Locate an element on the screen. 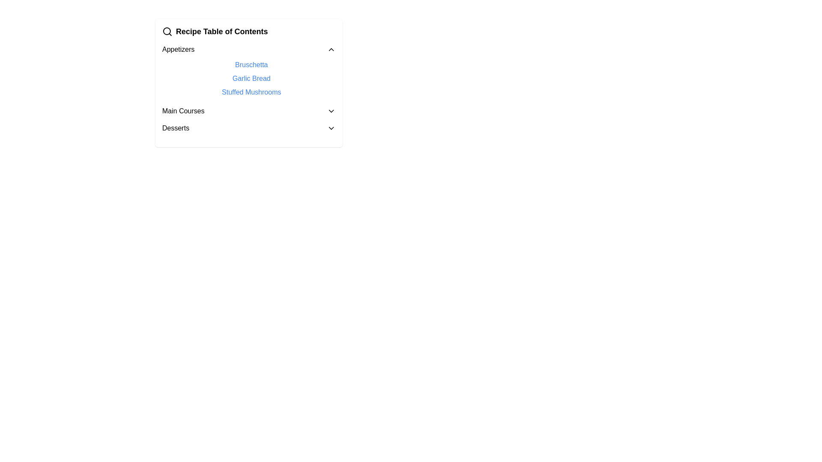 The image size is (822, 462). the Chevron icon located to the right of the 'Appetizers' text is located at coordinates (331, 49).